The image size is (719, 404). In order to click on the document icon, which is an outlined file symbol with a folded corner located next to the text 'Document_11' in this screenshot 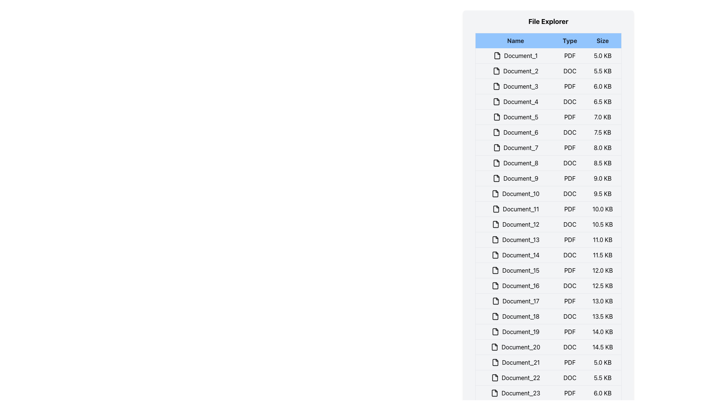, I will do `click(496, 209)`.